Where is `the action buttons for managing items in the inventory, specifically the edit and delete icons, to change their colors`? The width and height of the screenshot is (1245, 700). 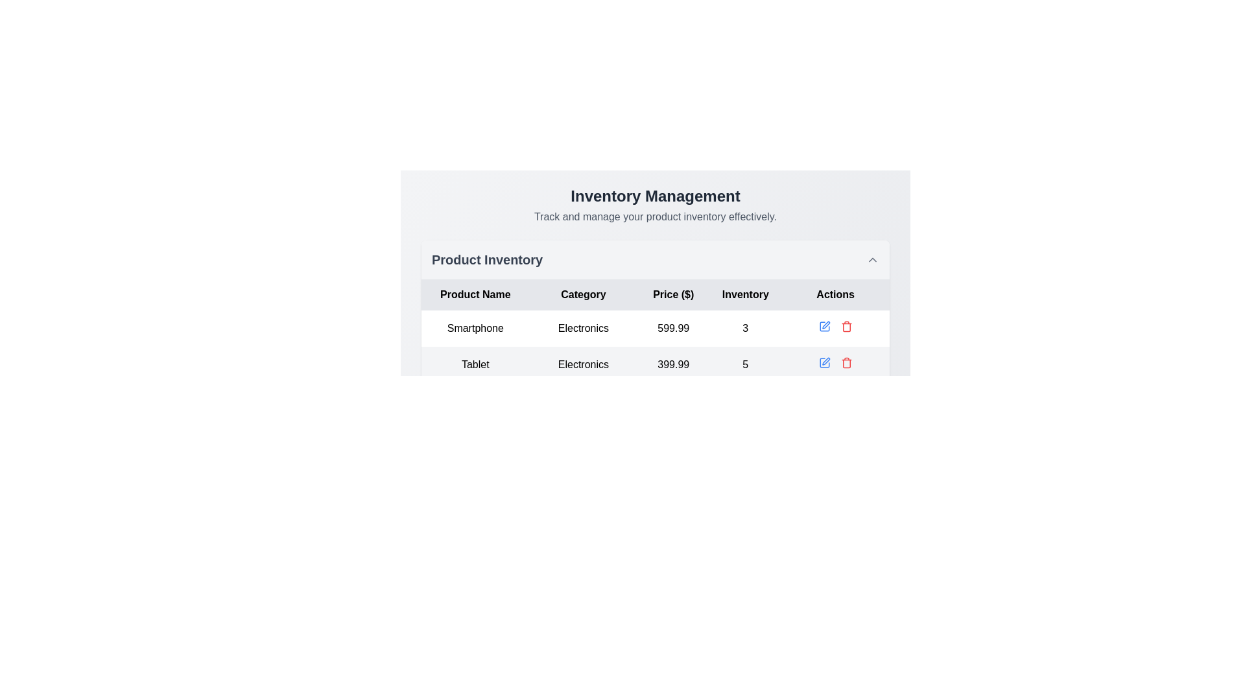 the action buttons for managing items in the inventory, specifically the edit and delete icons, to change their colors is located at coordinates (835, 326).